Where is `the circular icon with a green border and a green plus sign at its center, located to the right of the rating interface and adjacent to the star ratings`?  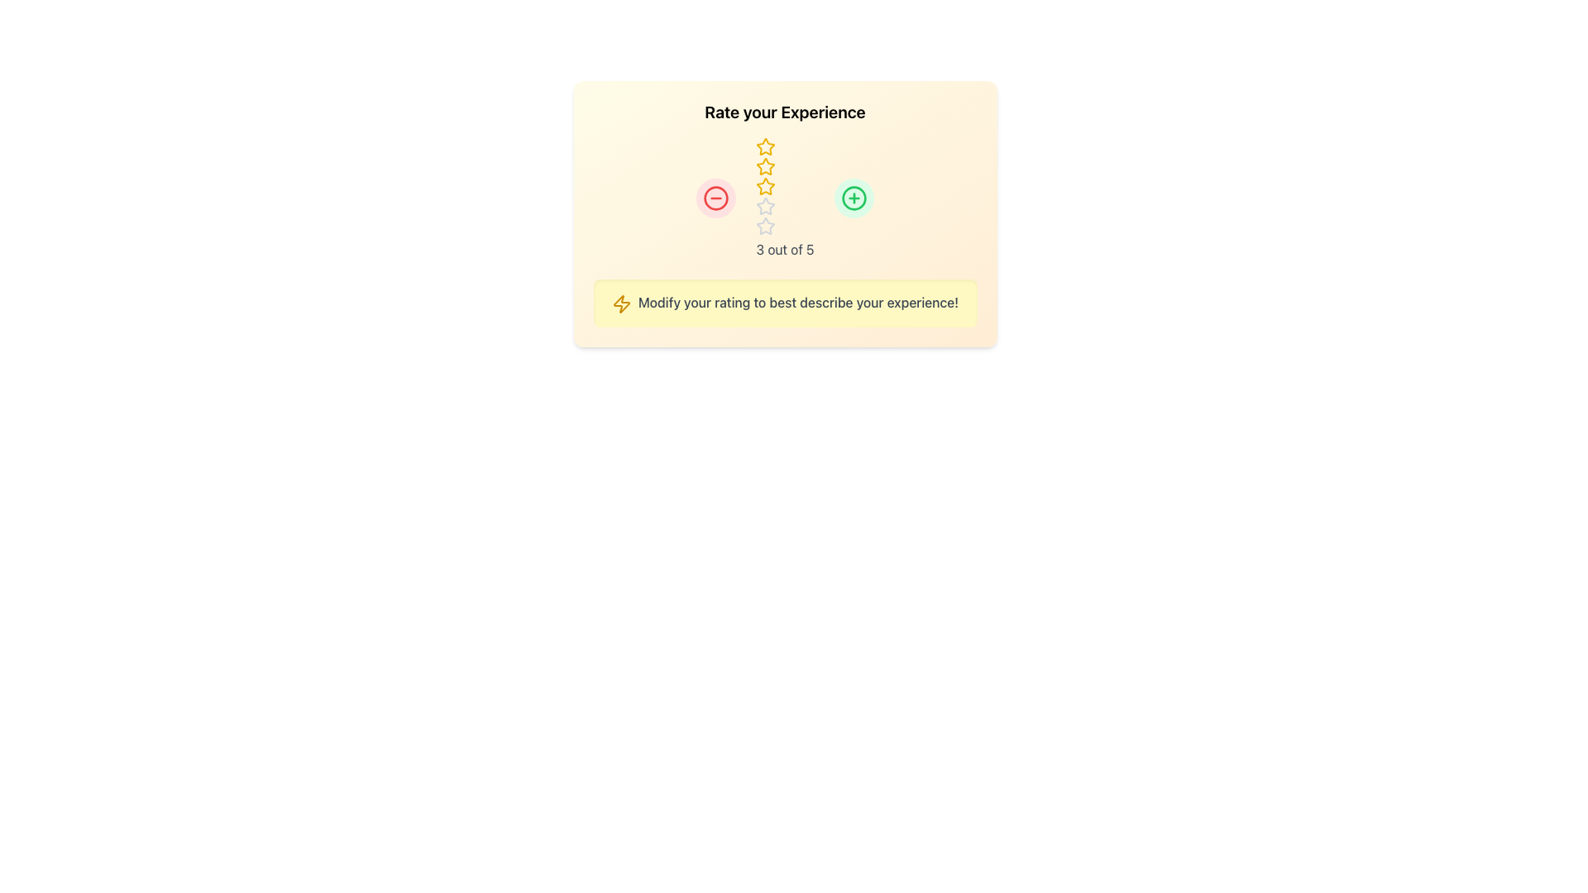 the circular icon with a green border and a green plus sign at its center, located to the right of the rating interface and adjacent to the star ratings is located at coordinates (854, 197).